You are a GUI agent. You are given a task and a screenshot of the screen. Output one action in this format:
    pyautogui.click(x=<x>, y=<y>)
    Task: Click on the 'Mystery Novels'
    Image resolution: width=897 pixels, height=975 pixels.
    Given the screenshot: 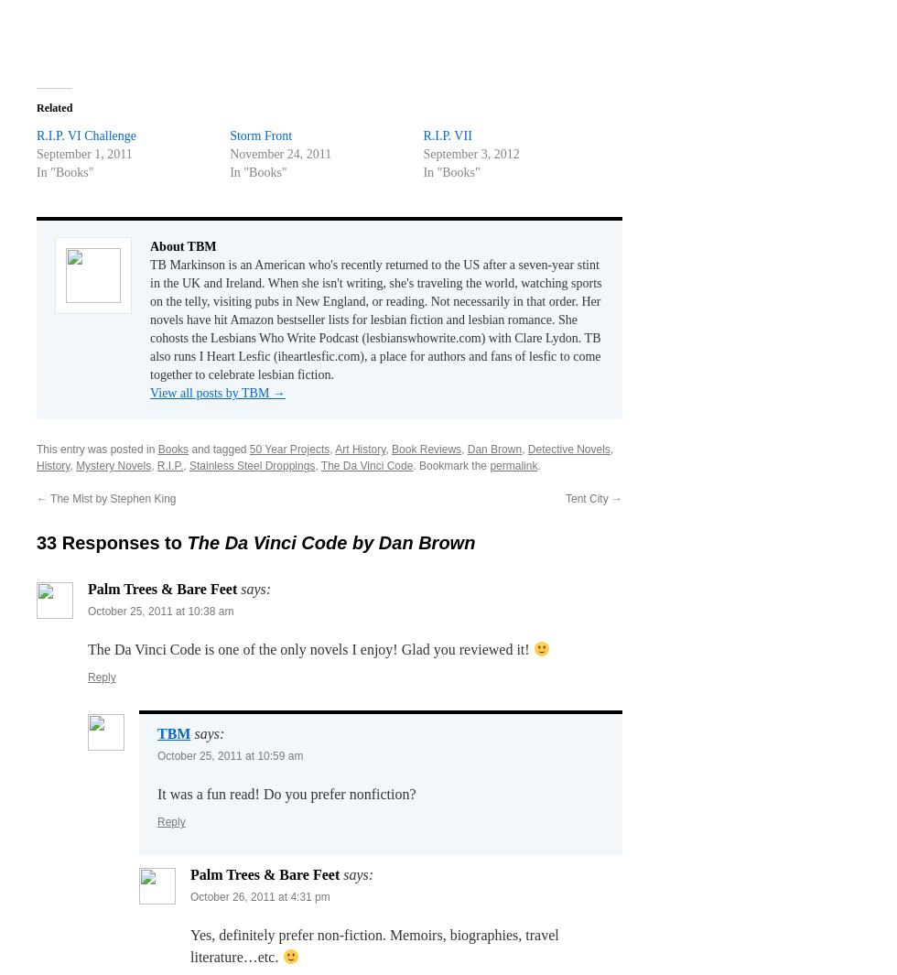 What is the action you would take?
    pyautogui.click(x=113, y=464)
    